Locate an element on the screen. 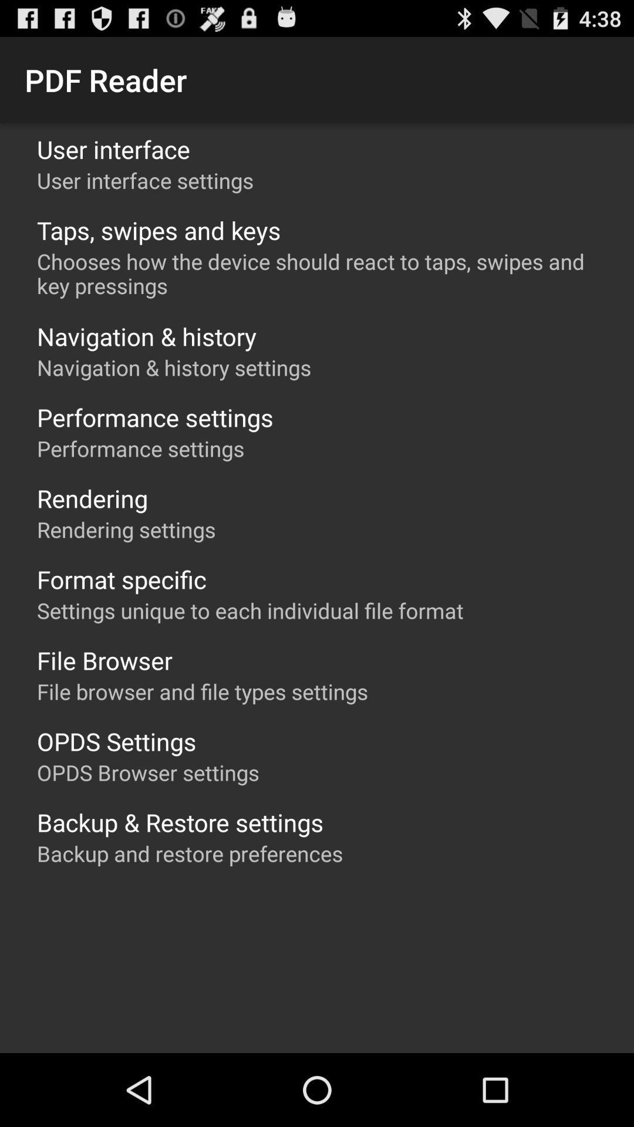  the app below format specific item is located at coordinates (249, 610).